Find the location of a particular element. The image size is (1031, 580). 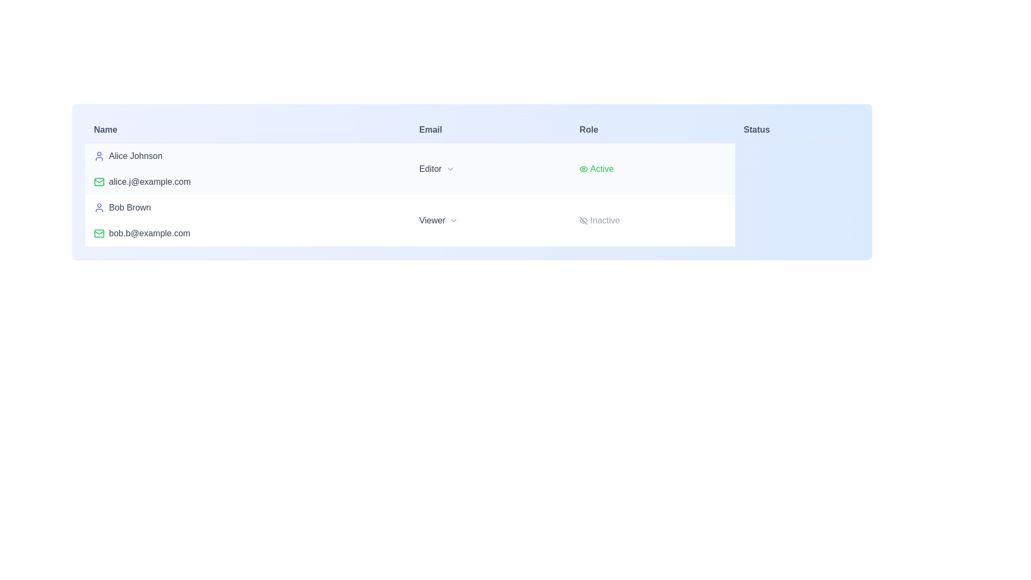

the eye icon with a slash representing 'Inactive' next to the user 'Bob Brown' in the Role column of the table is located at coordinates (583, 220).